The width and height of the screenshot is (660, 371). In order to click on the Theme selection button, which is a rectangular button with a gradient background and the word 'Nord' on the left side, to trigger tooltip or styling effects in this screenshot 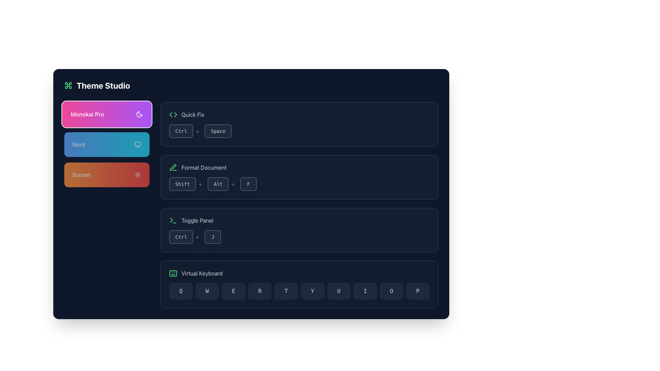, I will do `click(107, 144)`.